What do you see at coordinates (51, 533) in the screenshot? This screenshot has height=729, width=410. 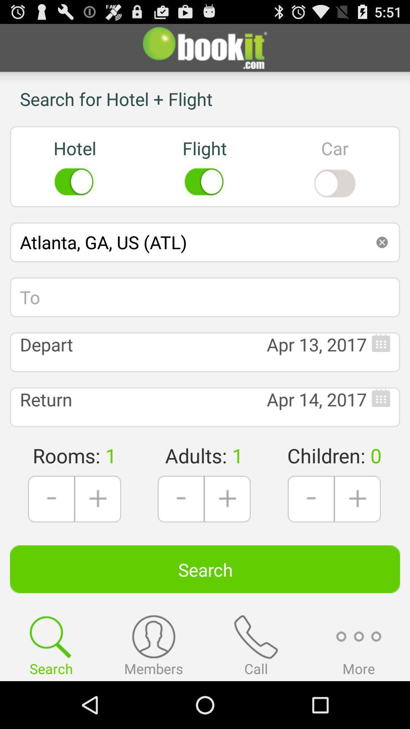 I see `the minus icon` at bounding box center [51, 533].